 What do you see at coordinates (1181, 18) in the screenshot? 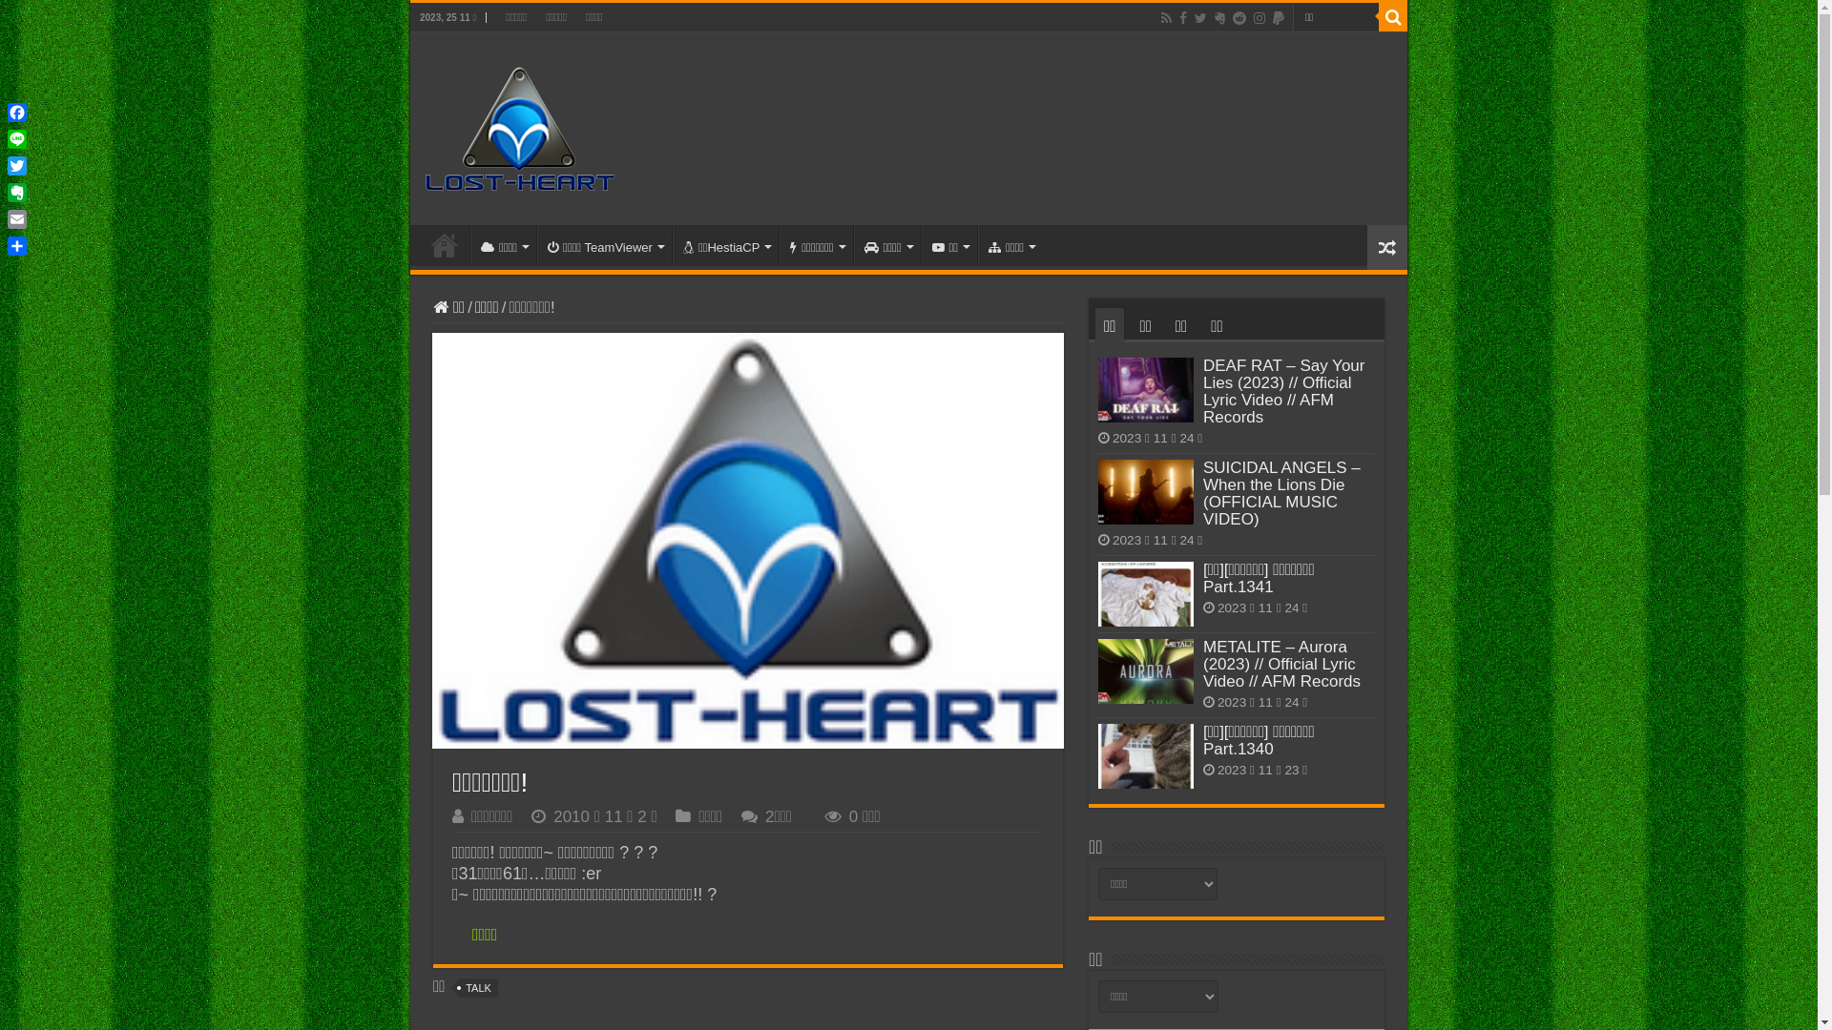
I see `'Facebook'` at bounding box center [1181, 18].